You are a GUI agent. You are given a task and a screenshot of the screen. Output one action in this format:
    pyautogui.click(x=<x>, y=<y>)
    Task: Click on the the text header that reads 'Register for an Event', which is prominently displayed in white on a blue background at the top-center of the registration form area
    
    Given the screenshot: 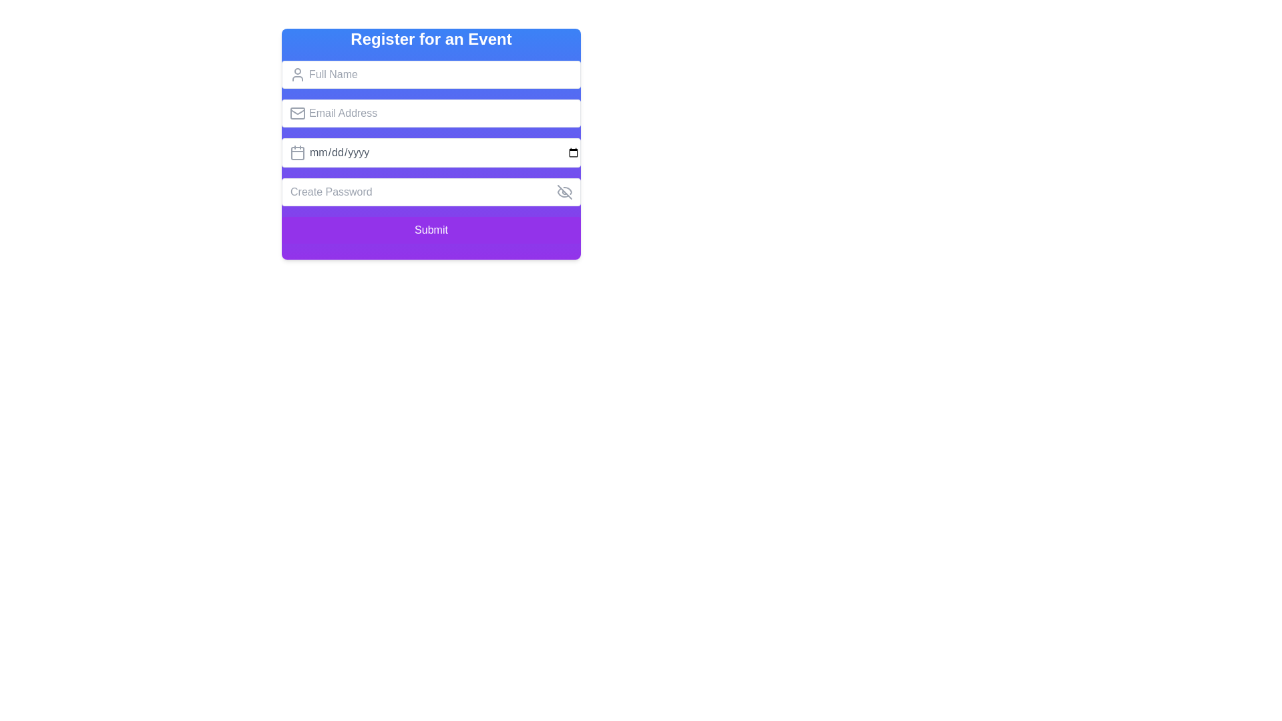 What is the action you would take?
    pyautogui.click(x=431, y=38)
    